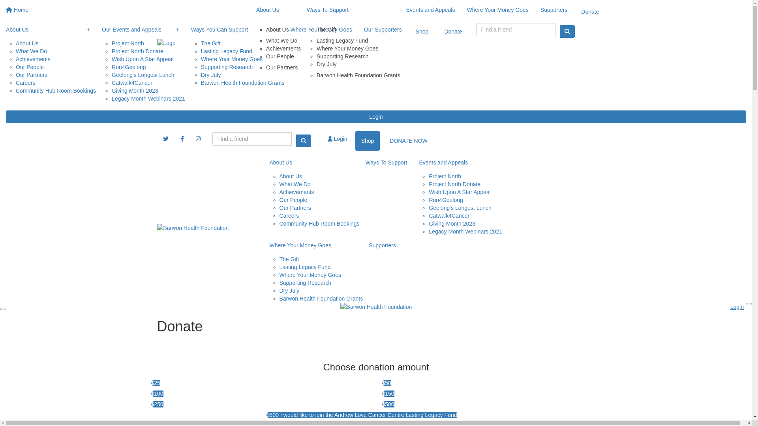 Image resolution: width=758 pixels, height=426 pixels. What do you see at coordinates (235, 29) in the screenshot?
I see `'Ways You Can Support` at bounding box center [235, 29].